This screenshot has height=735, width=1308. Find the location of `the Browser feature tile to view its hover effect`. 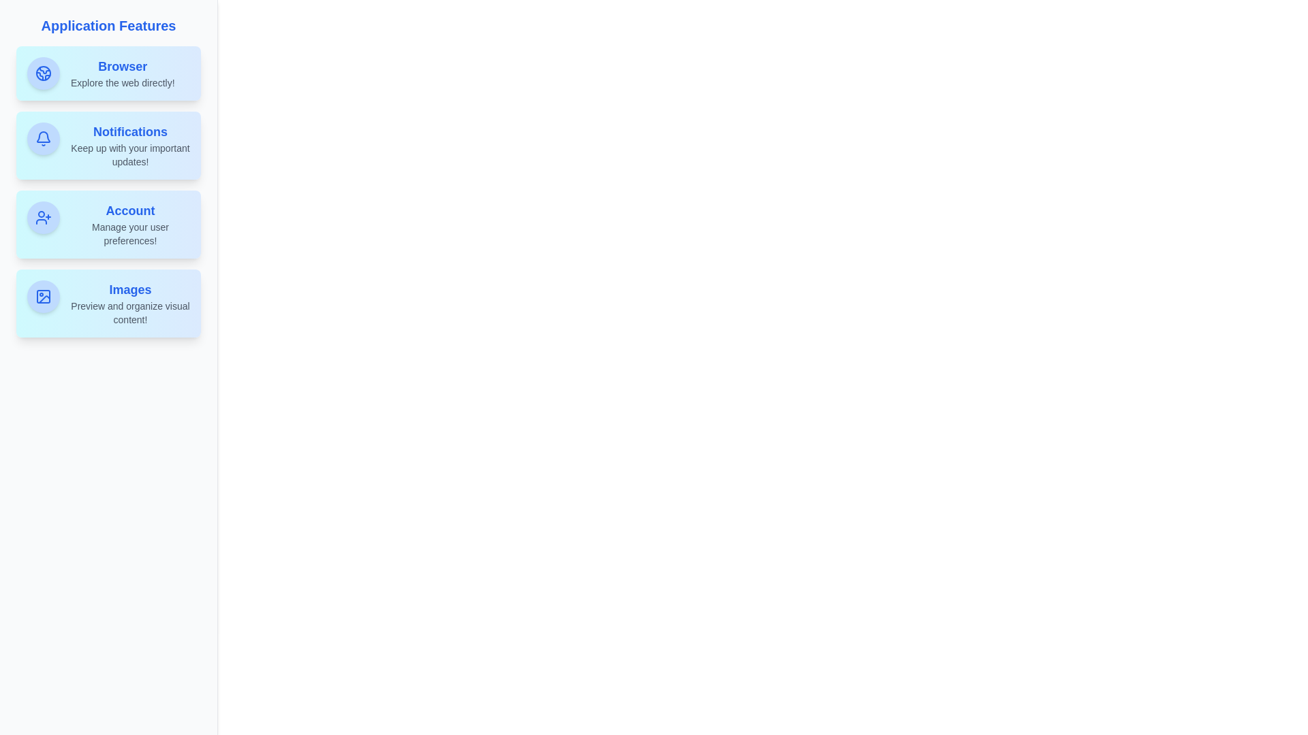

the Browser feature tile to view its hover effect is located at coordinates (108, 73).